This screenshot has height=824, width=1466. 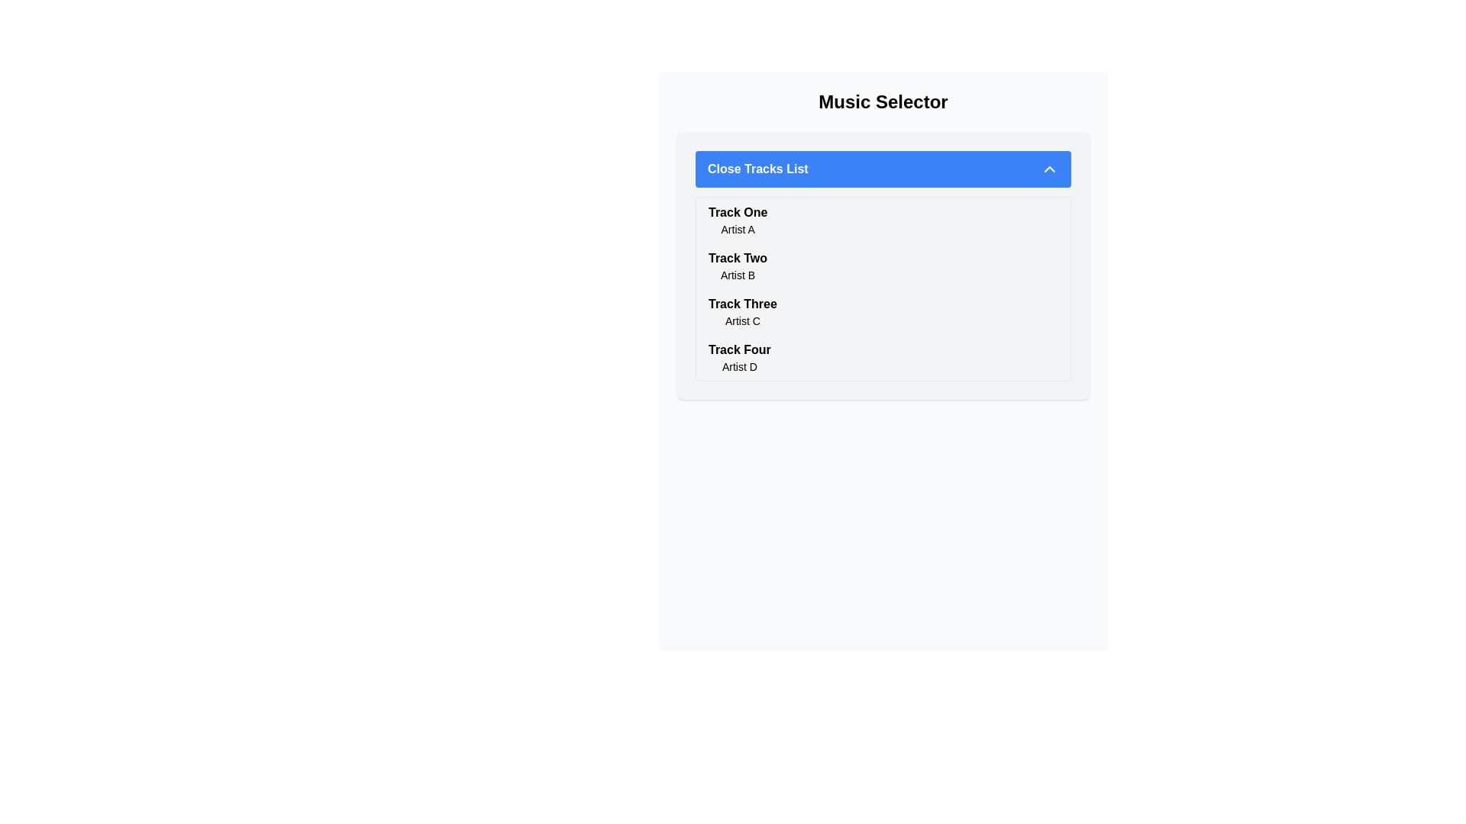 I want to click on the text label 'Artist B' which is displayed beneath the 'Track Two' title in the 'Music Selector' dropdown, so click(x=738, y=275).